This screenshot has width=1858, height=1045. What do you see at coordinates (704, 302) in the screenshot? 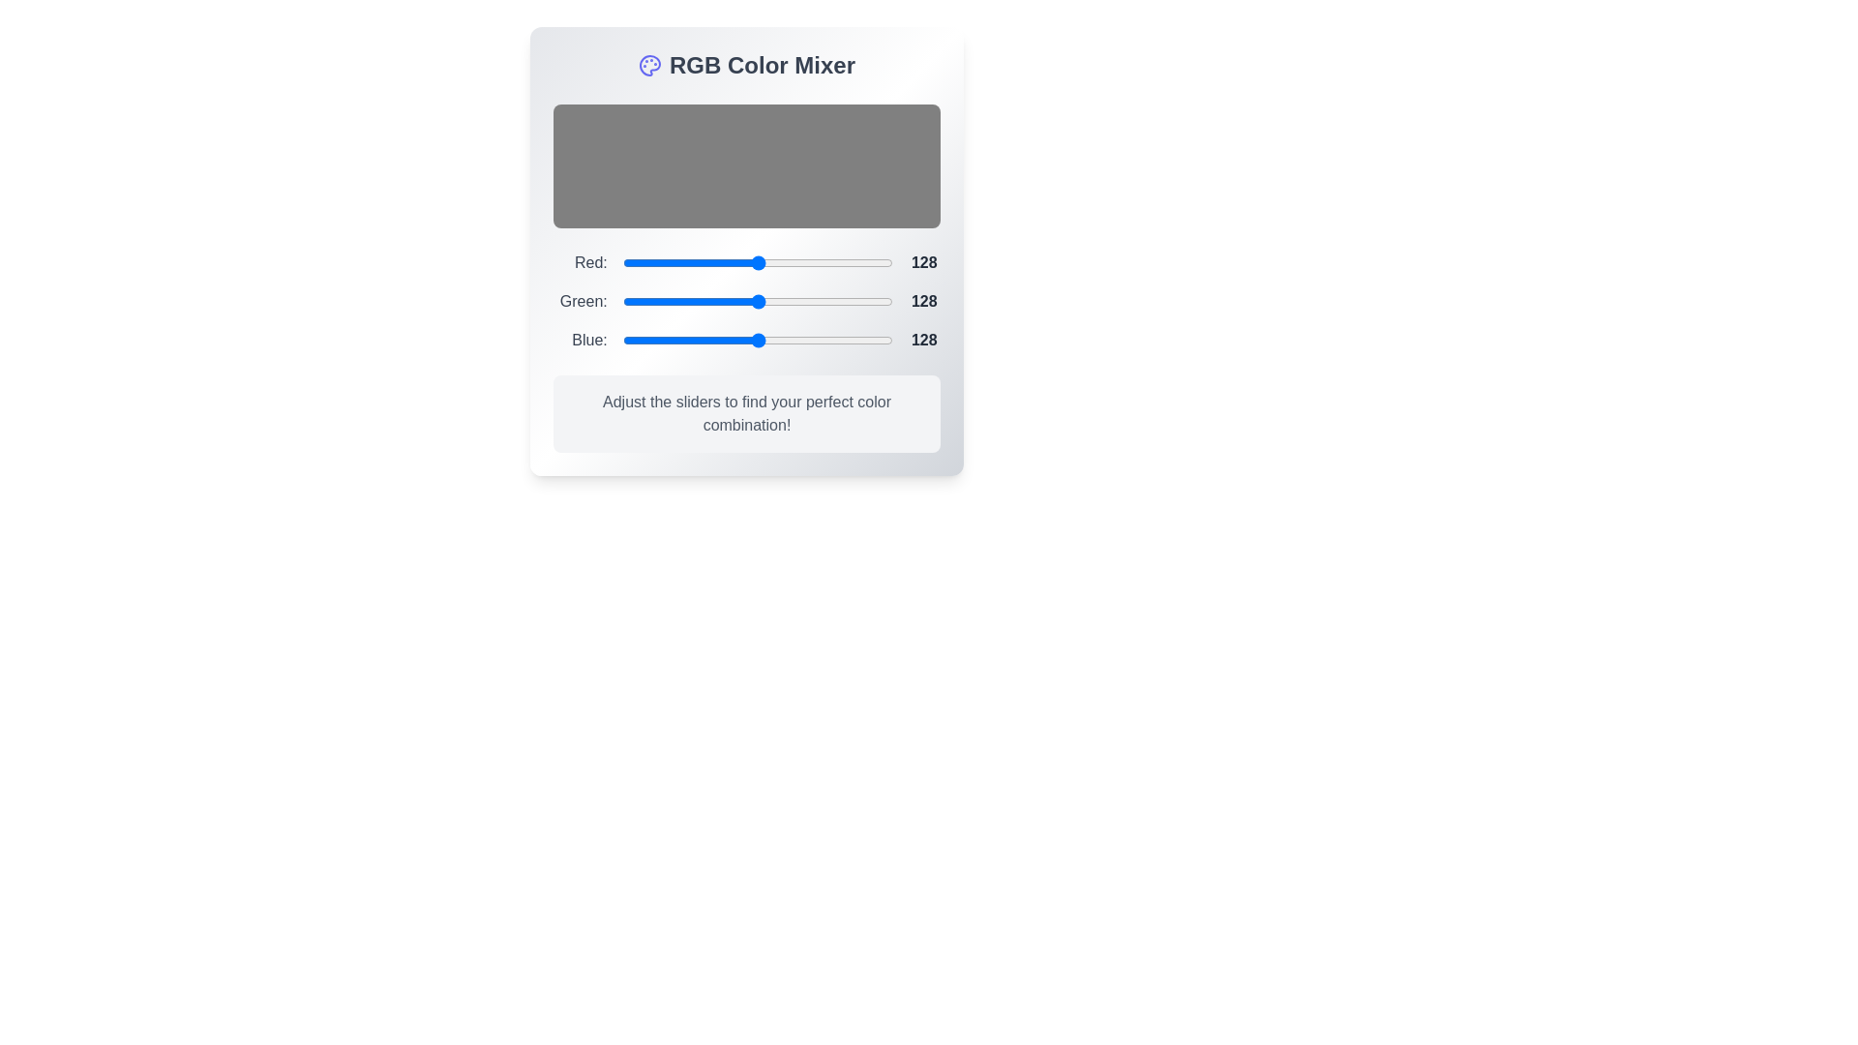
I see `the 1 slider to 78` at bounding box center [704, 302].